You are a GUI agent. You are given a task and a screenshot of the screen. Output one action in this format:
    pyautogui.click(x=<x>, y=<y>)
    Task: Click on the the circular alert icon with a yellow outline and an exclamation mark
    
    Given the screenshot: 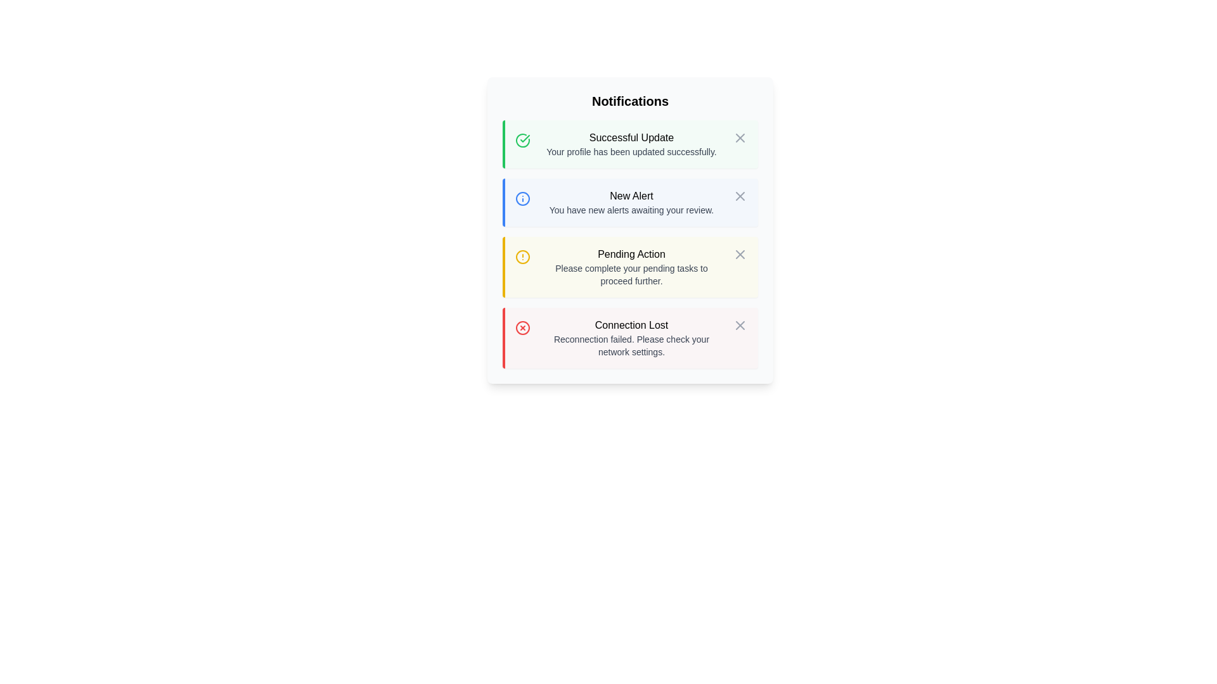 What is the action you would take?
    pyautogui.click(x=523, y=256)
    